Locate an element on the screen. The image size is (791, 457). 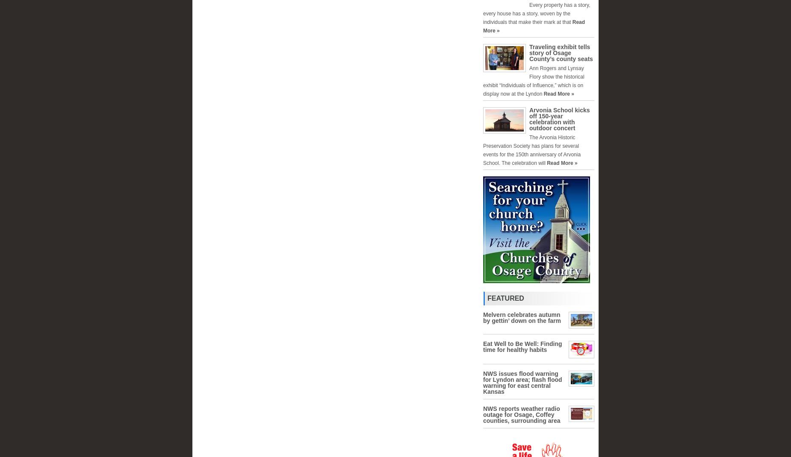
'Arvonia School kicks off 150-year celebration with outdoor concert' is located at coordinates (559, 119).